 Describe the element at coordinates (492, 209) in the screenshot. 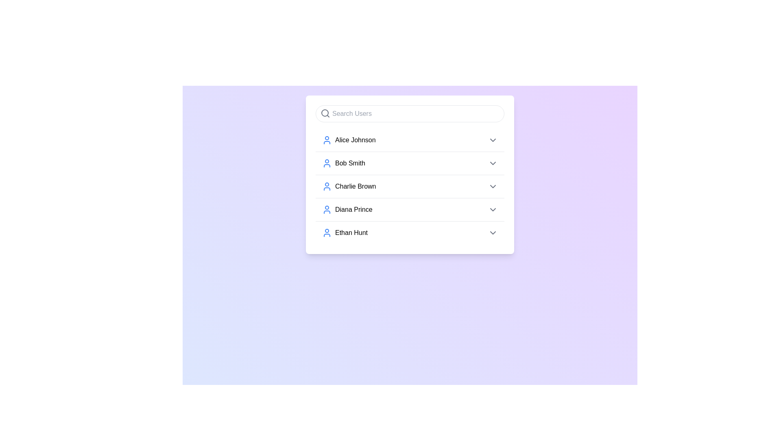

I see `the downward-pointing chevron icon styled in gray located at the right end of the 'Diana Prince' entry to trigger a tooltip or visual feedback` at that location.